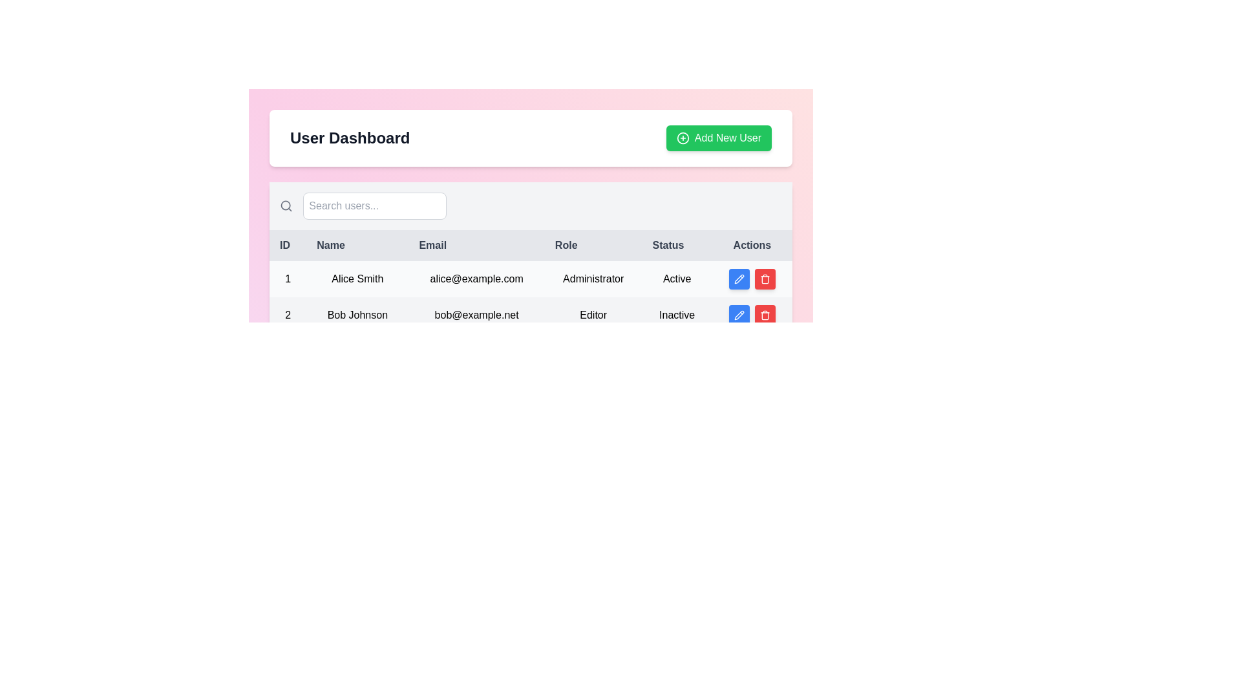 The image size is (1241, 698). I want to click on the static text element that uniquely identifies the record for 'Alice Smith' in the first row of the data table under the 'ID' column, so click(287, 279).